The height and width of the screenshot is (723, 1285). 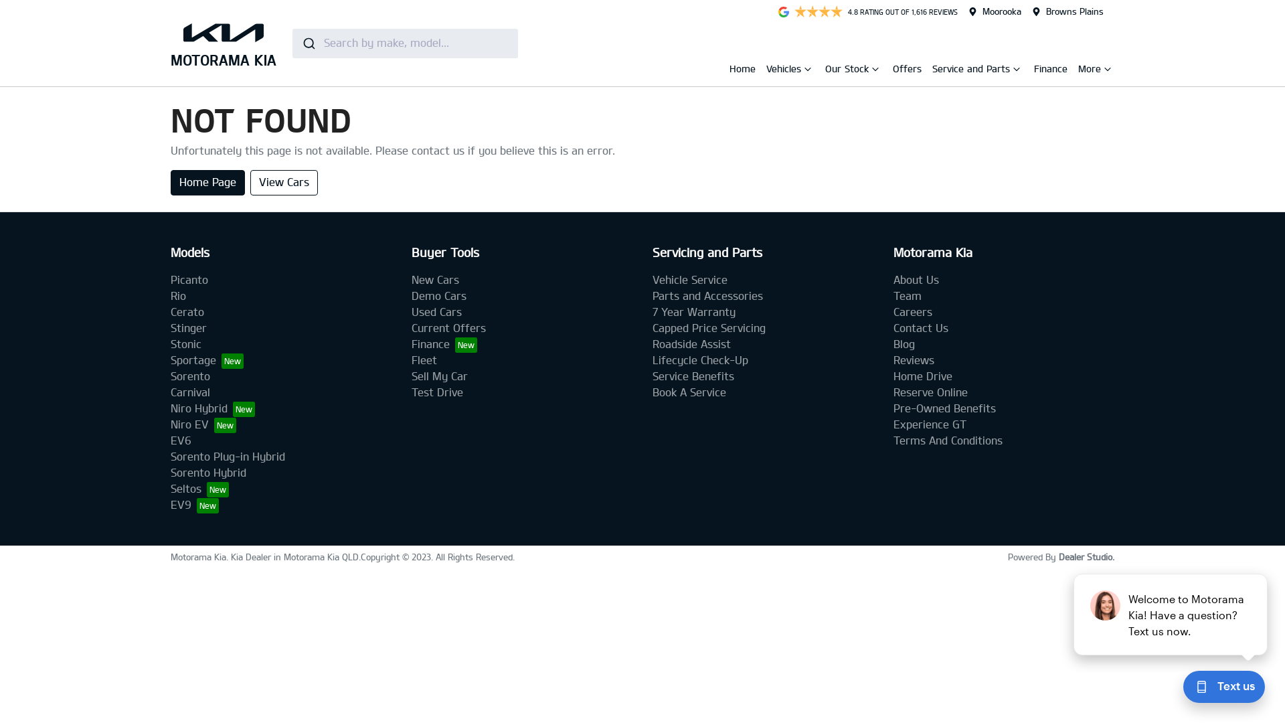 I want to click on 'Service and Parts', so click(x=972, y=71).